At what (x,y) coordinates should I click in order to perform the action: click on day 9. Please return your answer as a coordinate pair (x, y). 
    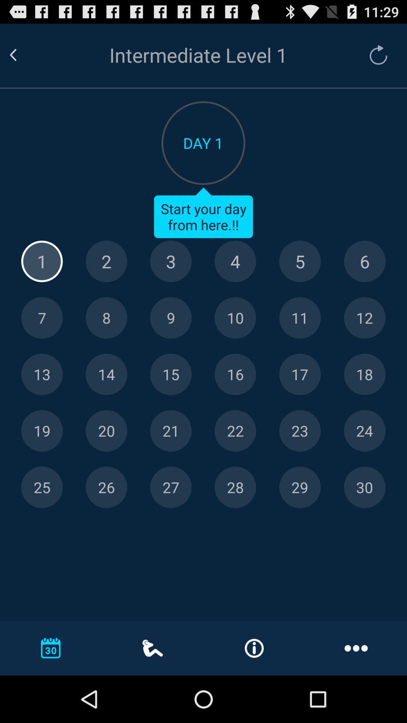
    Looking at the image, I should click on (171, 318).